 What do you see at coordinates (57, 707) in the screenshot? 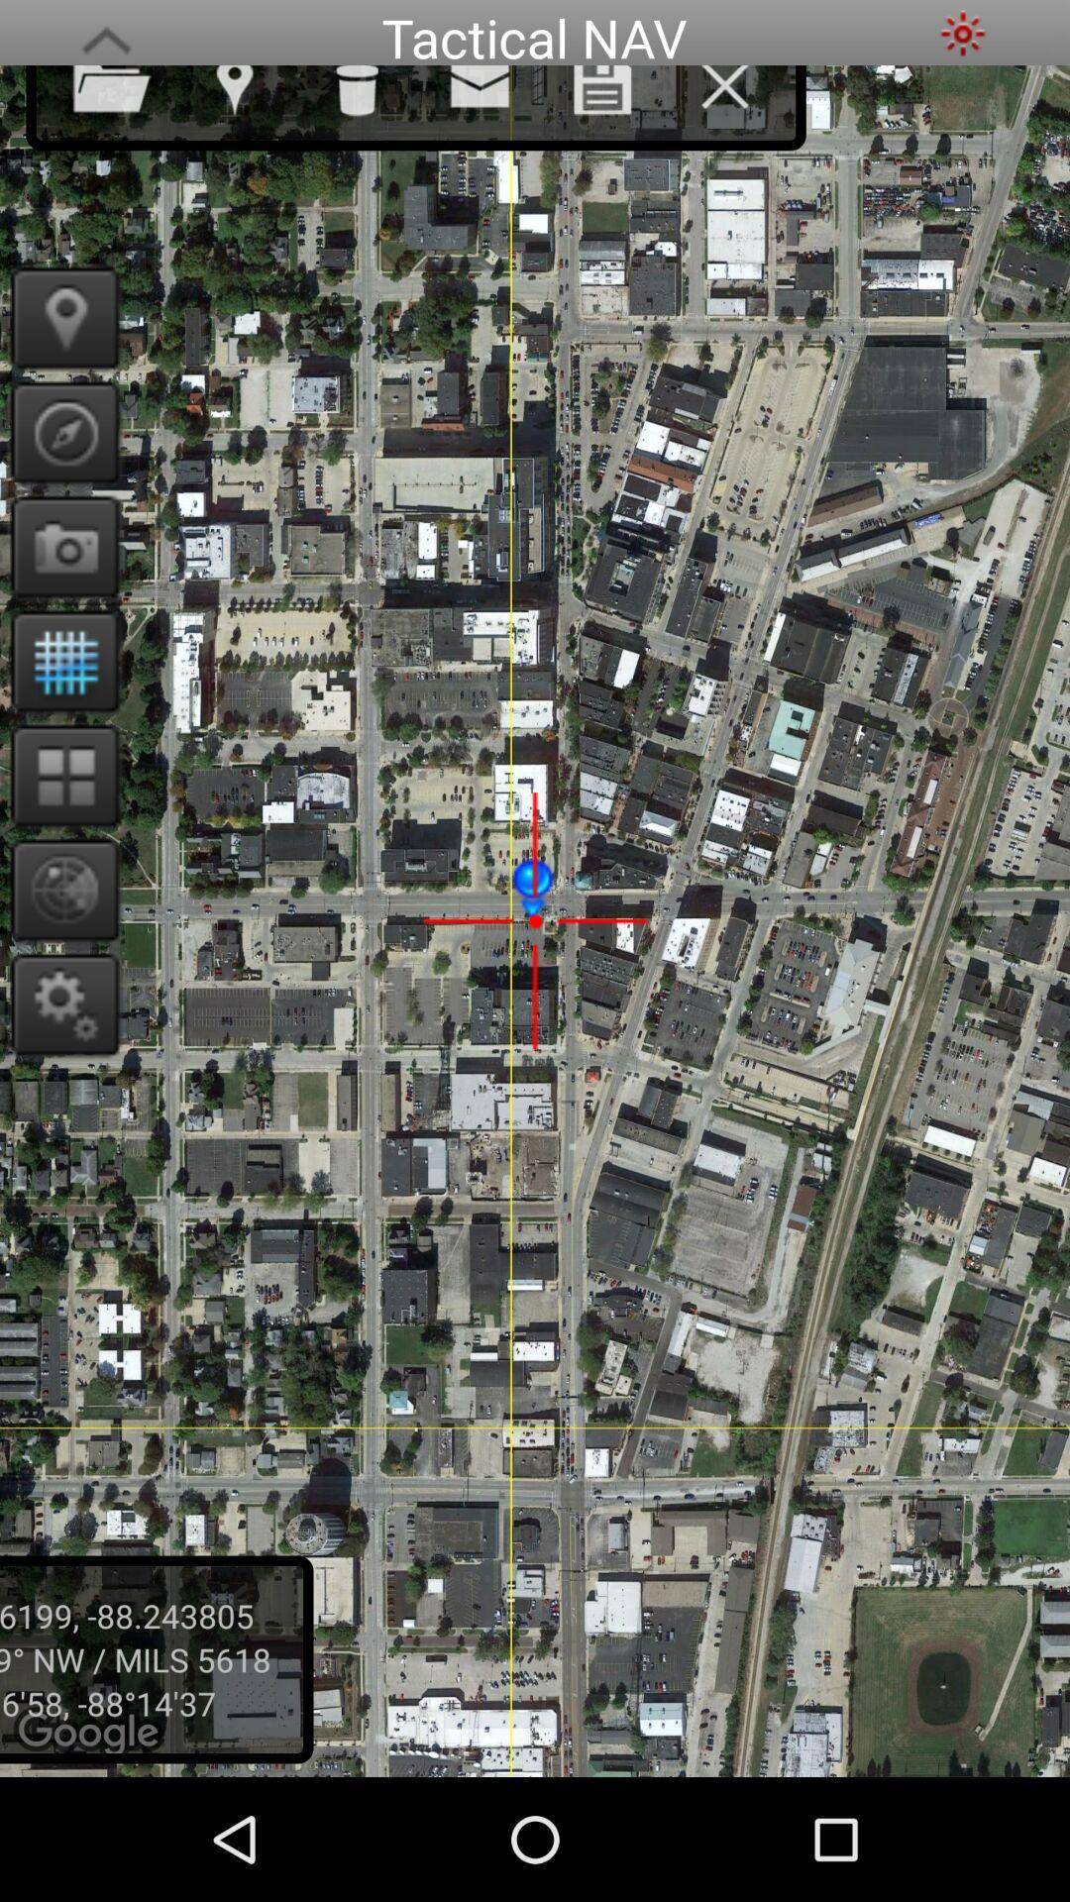
I see `the date_range icon` at bounding box center [57, 707].